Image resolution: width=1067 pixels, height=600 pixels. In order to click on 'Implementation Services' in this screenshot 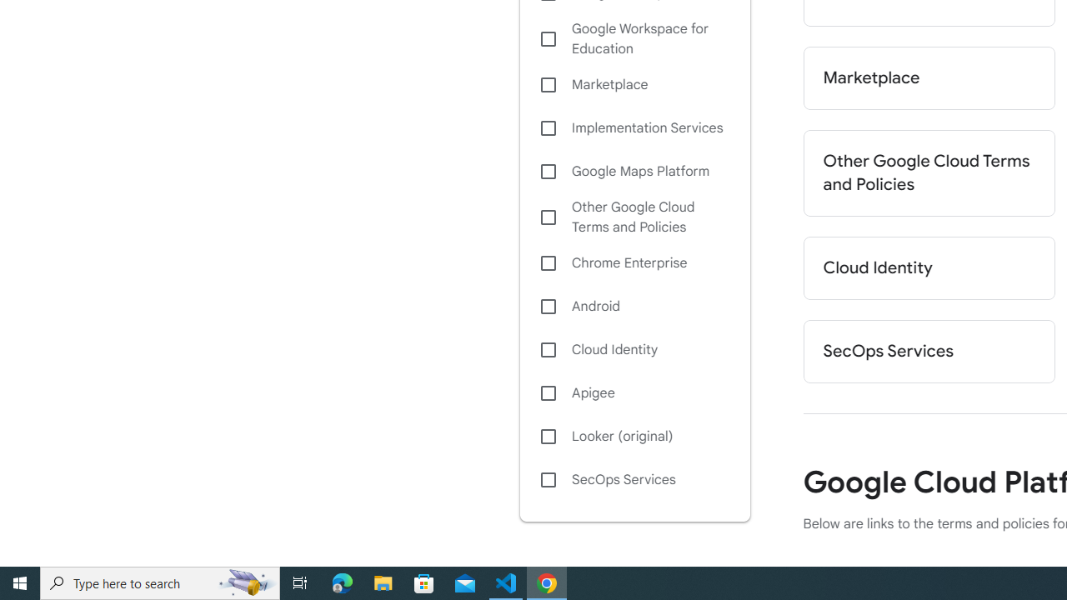, I will do `click(634, 127)`.